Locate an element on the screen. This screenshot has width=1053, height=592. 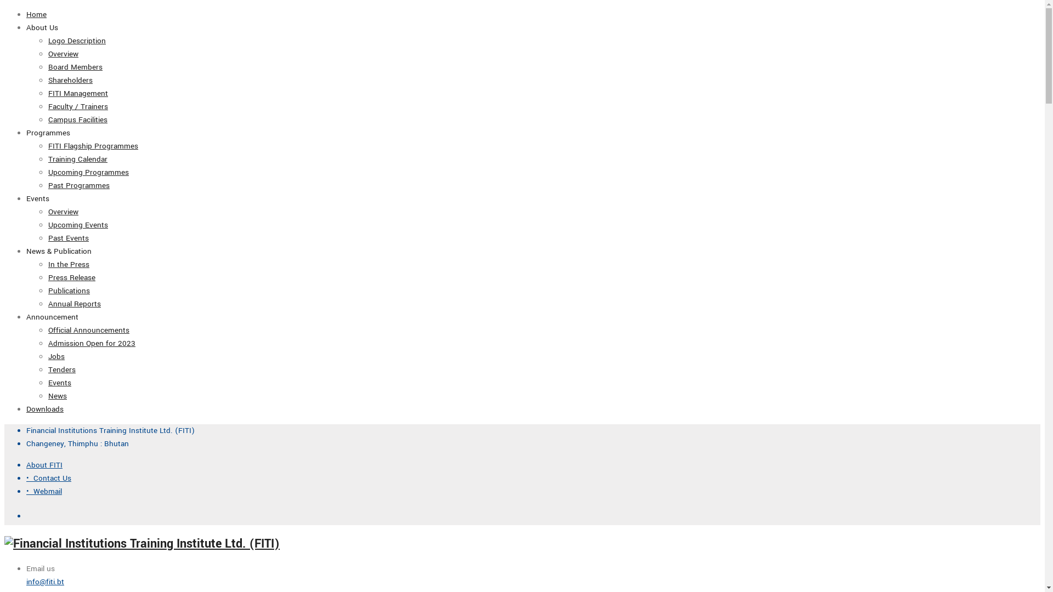
'Upcoming Programmes' is located at coordinates (88, 172).